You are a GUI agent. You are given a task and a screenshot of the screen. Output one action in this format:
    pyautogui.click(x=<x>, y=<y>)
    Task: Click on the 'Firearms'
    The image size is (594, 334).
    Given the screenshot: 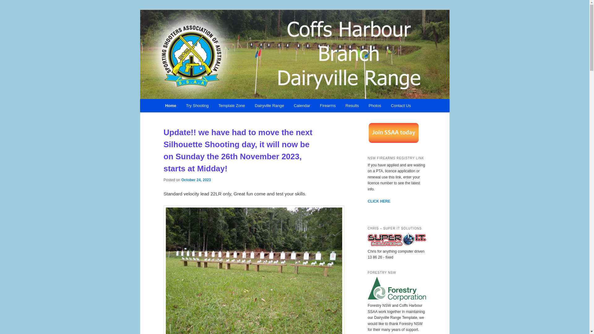 What is the action you would take?
    pyautogui.click(x=327, y=105)
    